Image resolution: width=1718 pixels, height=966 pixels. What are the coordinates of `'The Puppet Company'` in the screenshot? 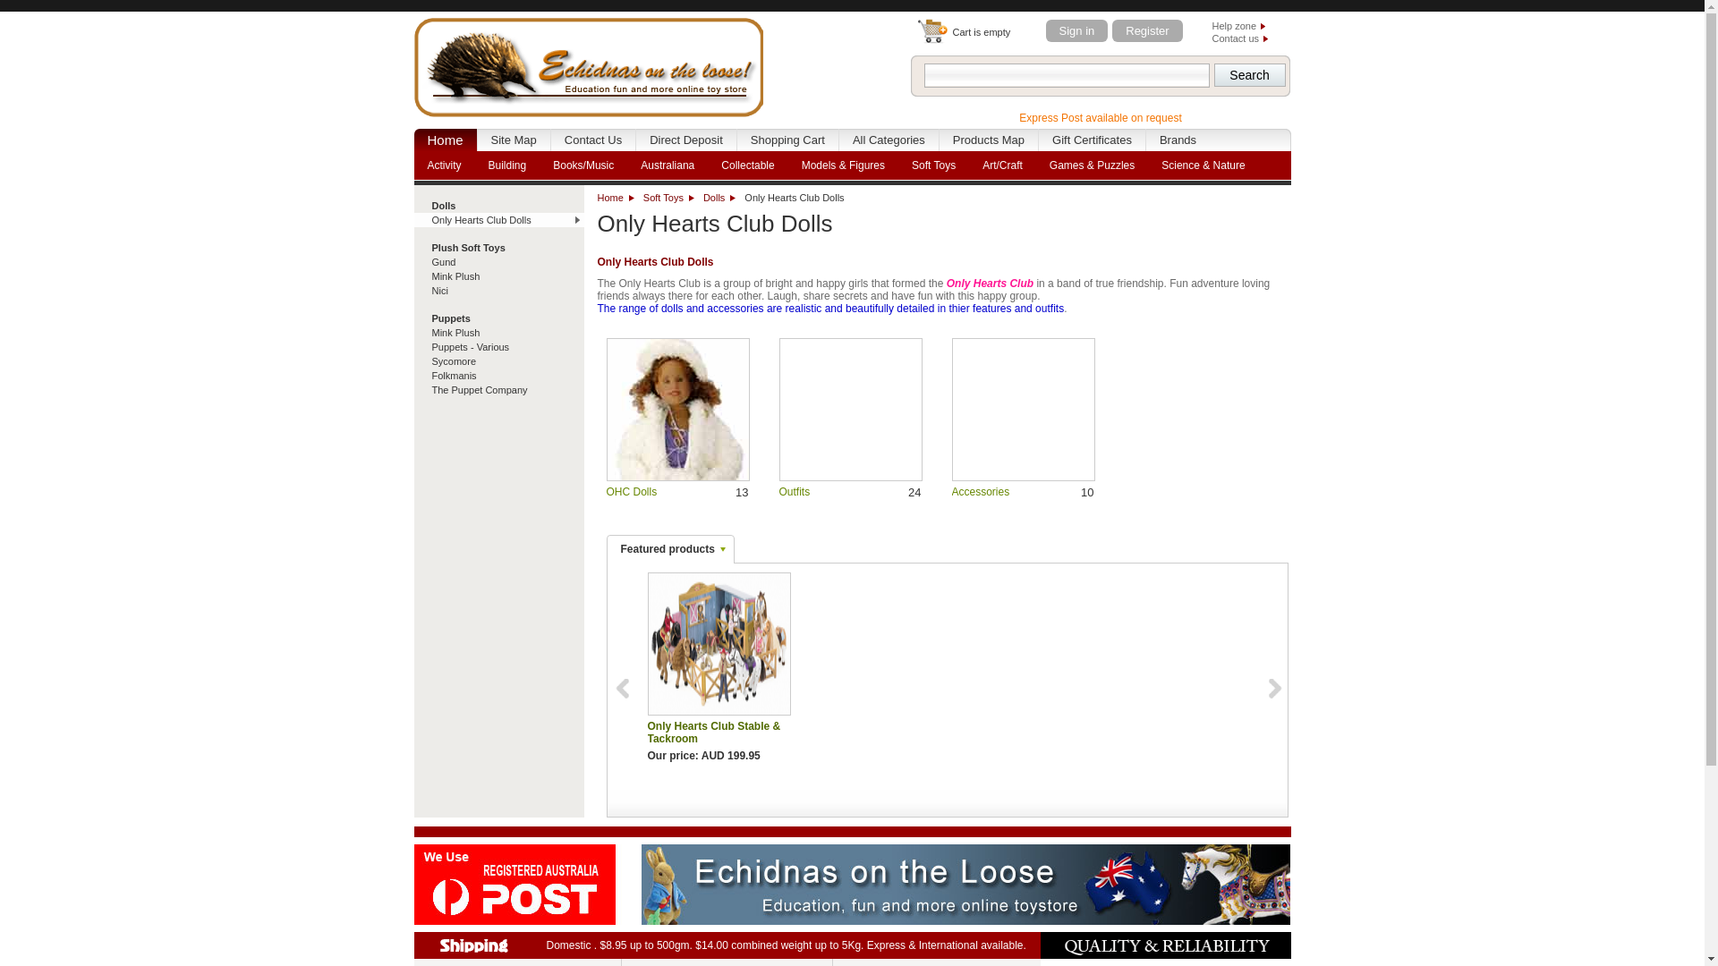 It's located at (498, 388).